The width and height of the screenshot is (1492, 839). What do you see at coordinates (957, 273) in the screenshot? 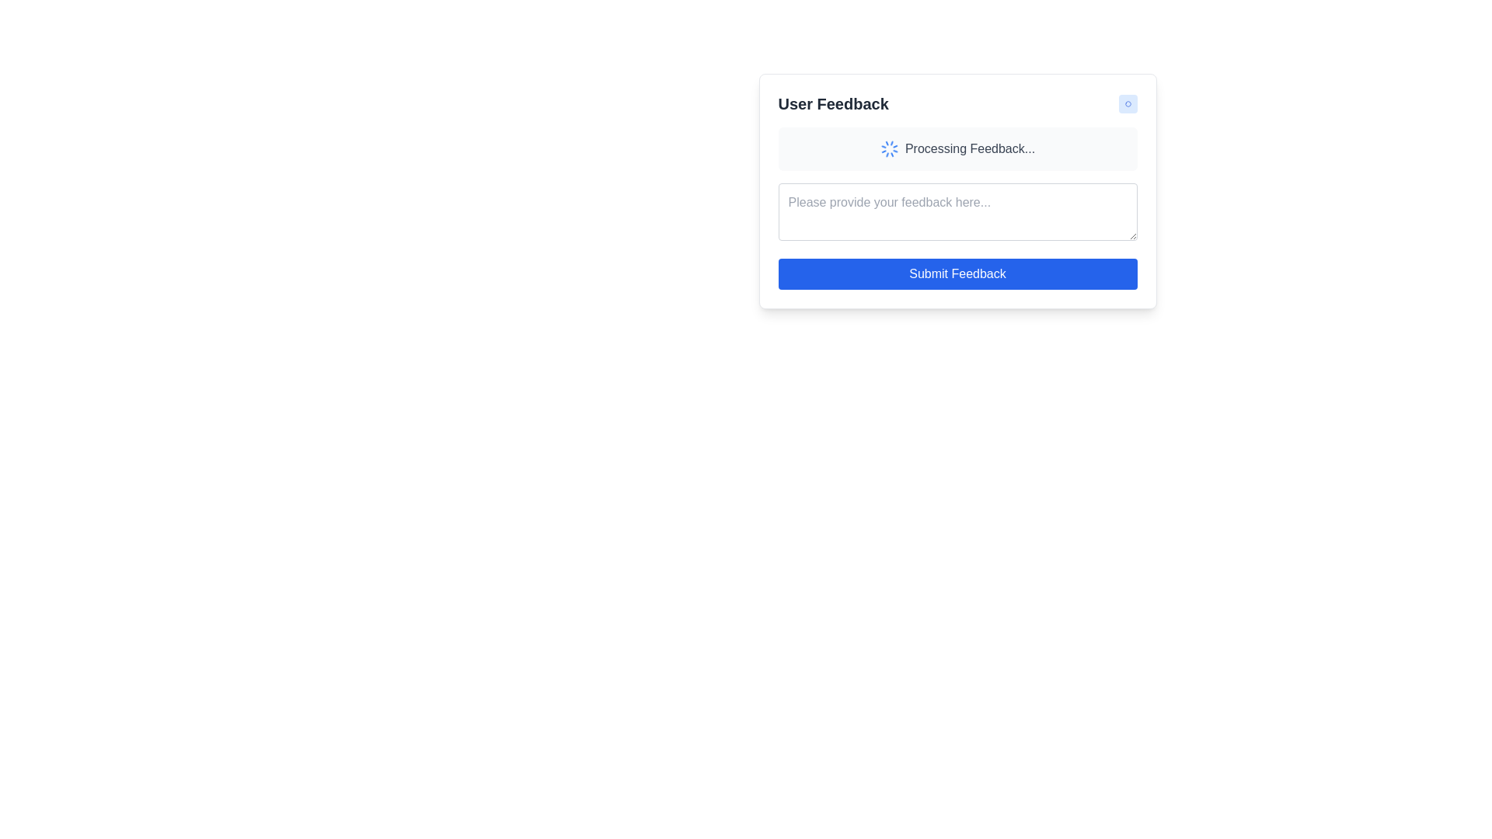
I see `the rectangular button with a blue background and rounded edges that contains the text 'Submit Feedback'` at bounding box center [957, 273].